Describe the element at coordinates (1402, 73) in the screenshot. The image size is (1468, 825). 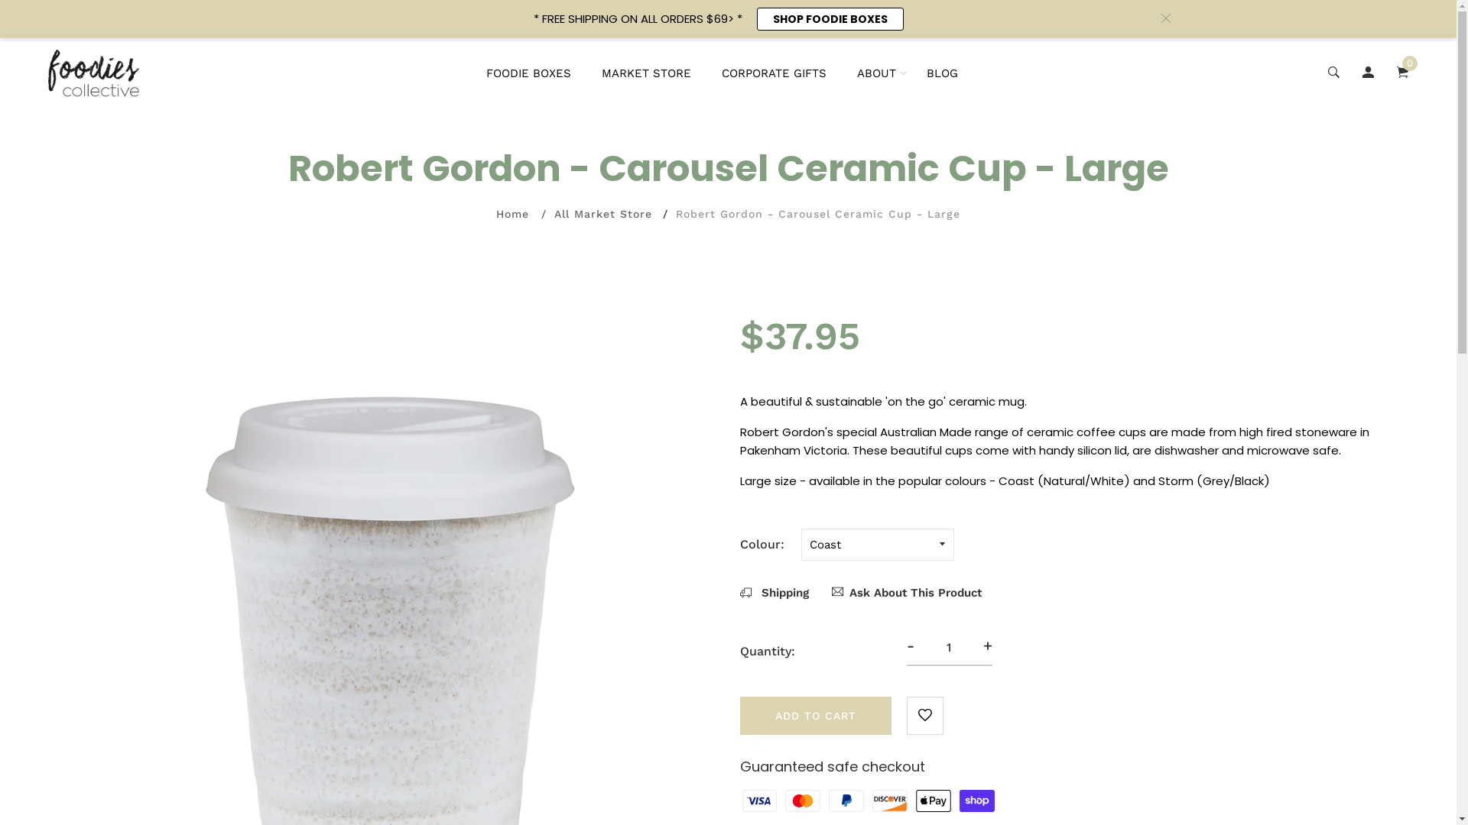
I see `'0'` at that location.